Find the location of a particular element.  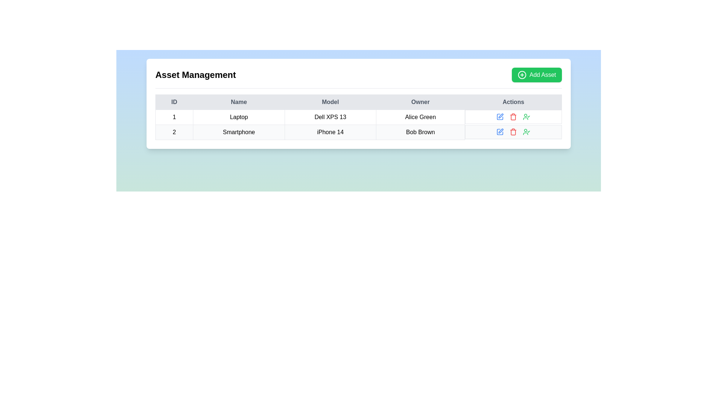

the 'Model' header label in the table, which is located in the third column of the header row, between 'Name' and 'Owner' is located at coordinates (330, 102).